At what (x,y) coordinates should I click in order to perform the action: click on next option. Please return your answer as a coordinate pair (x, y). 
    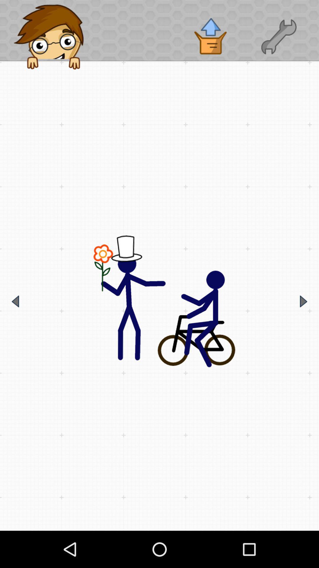
    Looking at the image, I should click on (303, 301).